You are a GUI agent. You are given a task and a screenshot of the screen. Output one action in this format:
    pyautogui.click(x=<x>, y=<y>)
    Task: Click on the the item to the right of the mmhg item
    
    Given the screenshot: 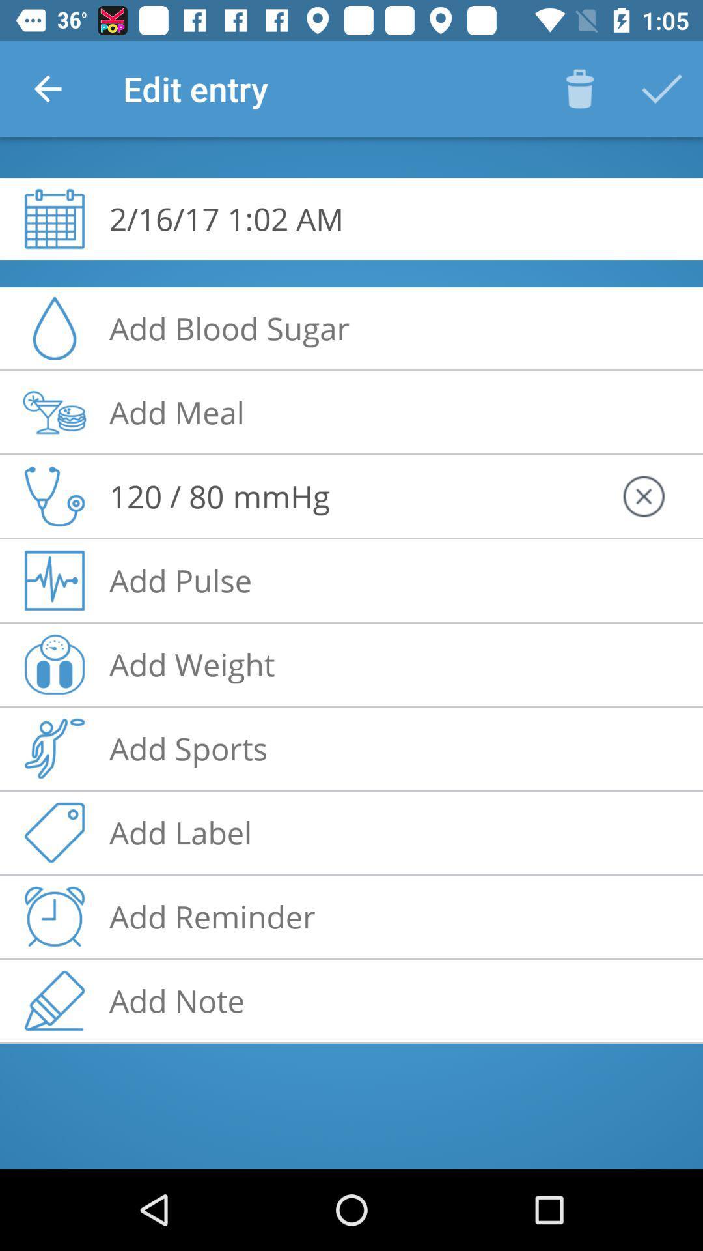 What is the action you would take?
    pyautogui.click(x=642, y=496)
    